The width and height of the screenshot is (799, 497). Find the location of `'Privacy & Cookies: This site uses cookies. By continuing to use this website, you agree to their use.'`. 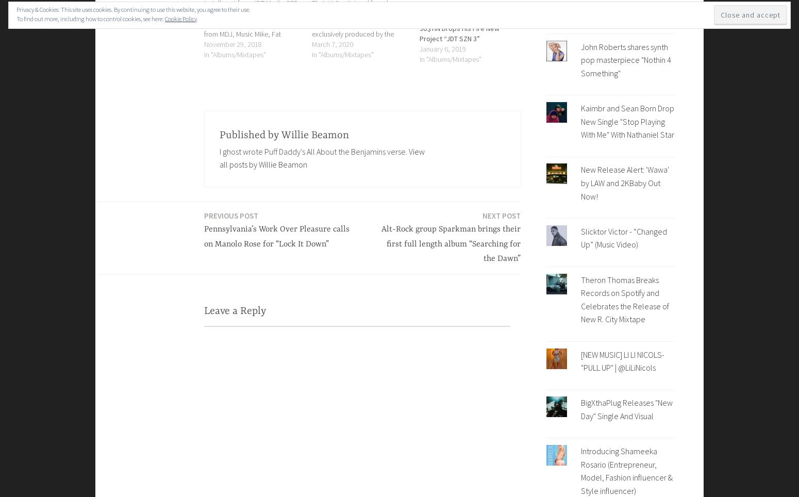

'Privacy & Cookies: This site uses cookies. By continuing to use this website, you agree to their use.' is located at coordinates (134, 9).